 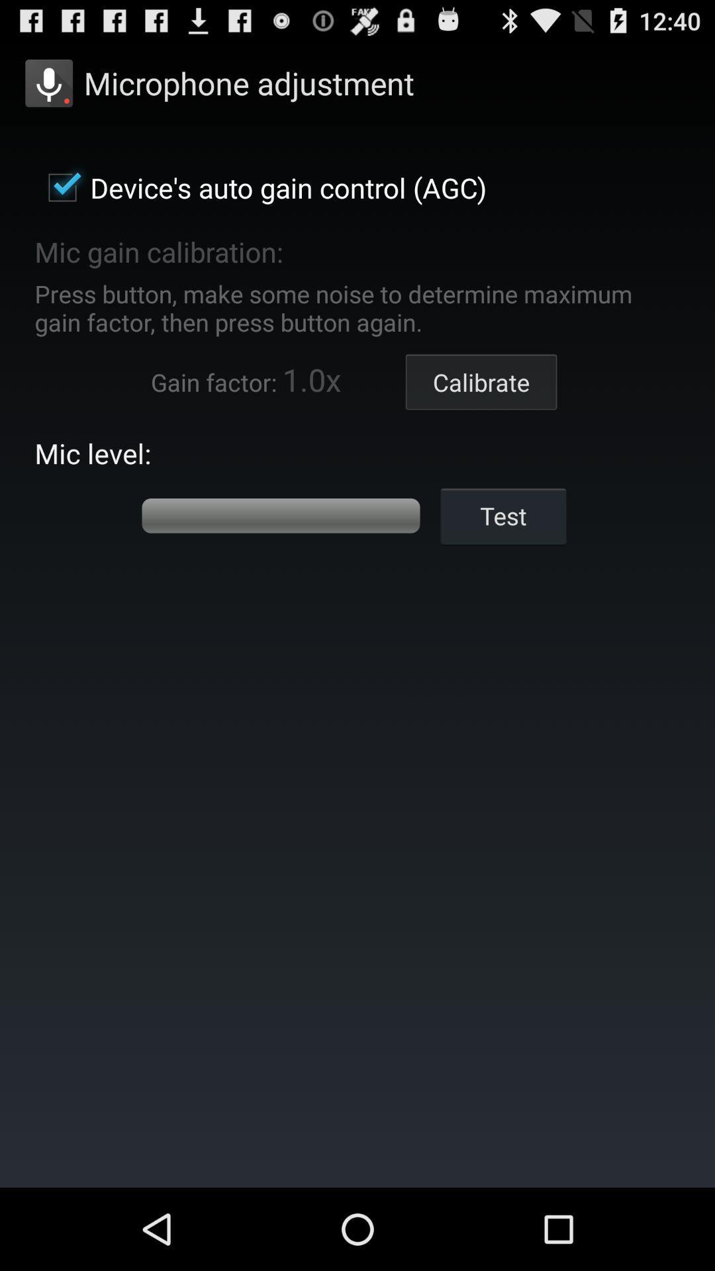 I want to click on the device s auto checkbox, so click(x=260, y=187).